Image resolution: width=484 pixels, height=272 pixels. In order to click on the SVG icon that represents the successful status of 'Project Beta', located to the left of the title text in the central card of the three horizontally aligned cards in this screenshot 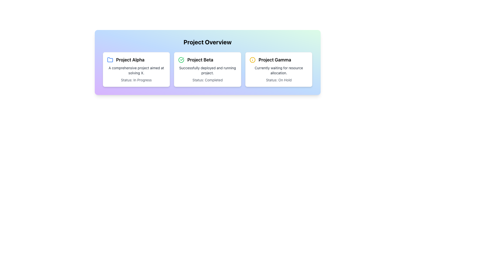, I will do `click(181, 60)`.